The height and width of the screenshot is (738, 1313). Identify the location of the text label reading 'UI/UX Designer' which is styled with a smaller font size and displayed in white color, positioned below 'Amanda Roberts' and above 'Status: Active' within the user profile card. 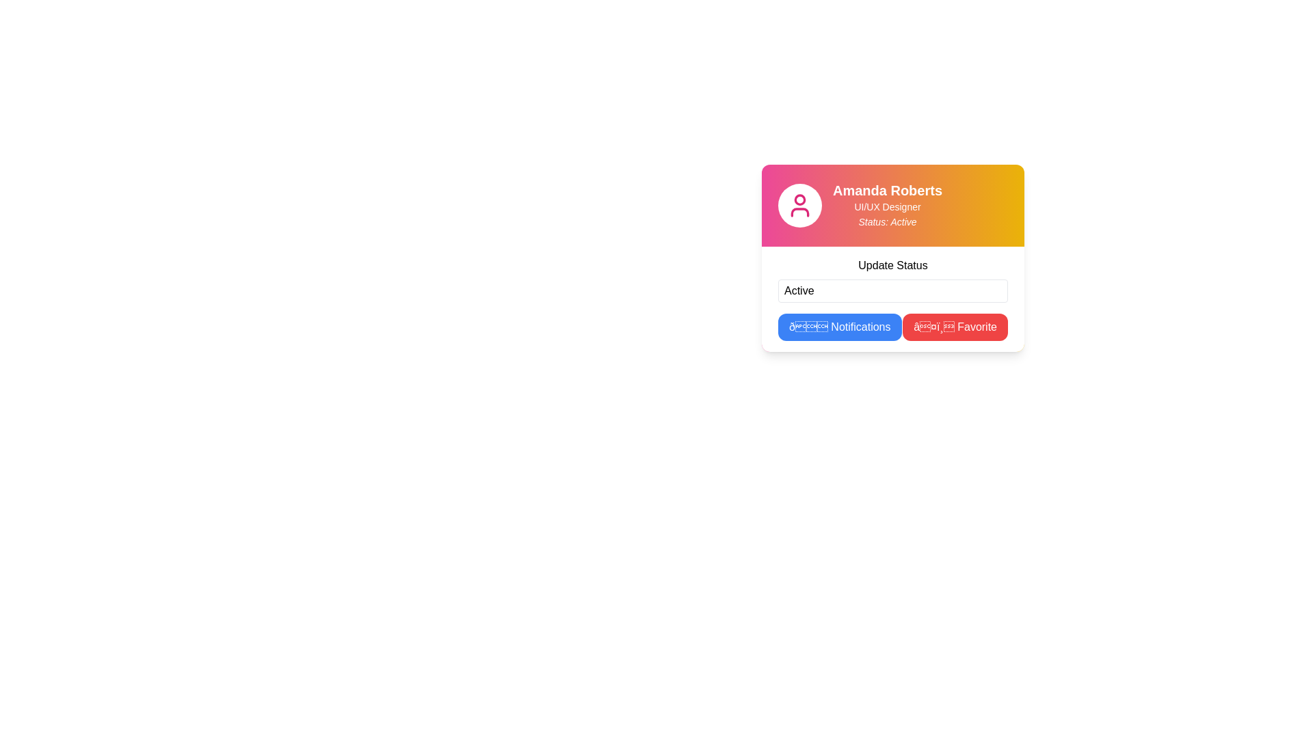
(888, 207).